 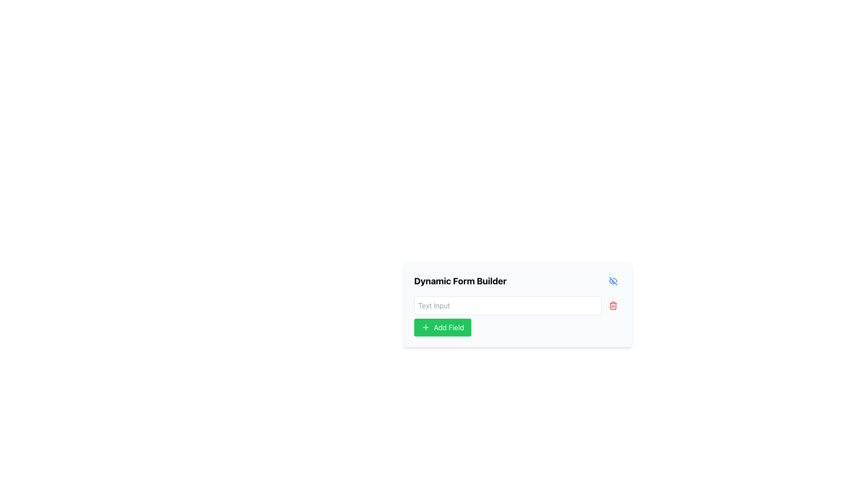 I want to click on the red trash bin icon button, which is styled with a circular red border and located next to a text input field in the form builder interface, so click(x=612, y=305).